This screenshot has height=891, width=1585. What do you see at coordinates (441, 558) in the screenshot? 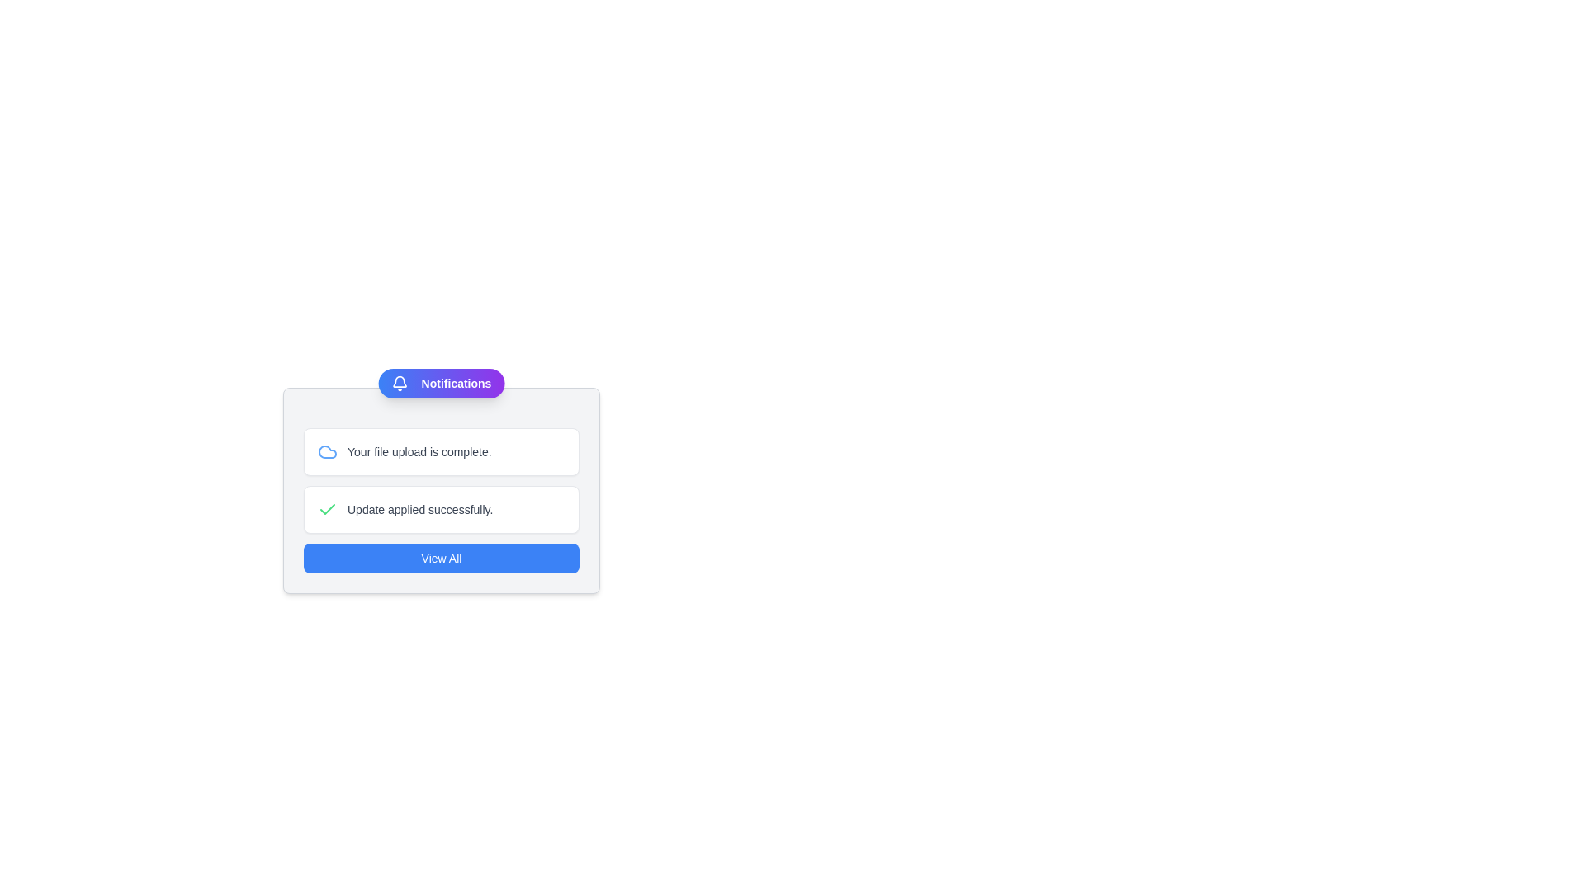
I see `the rectangular button with rounded corners and blue background that contains the text 'View All'` at bounding box center [441, 558].